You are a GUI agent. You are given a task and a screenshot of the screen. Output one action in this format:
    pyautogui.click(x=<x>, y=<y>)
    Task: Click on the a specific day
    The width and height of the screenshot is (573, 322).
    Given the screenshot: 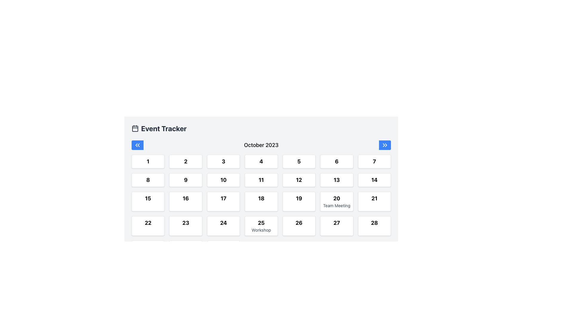 What is the action you would take?
    pyautogui.click(x=261, y=204)
    